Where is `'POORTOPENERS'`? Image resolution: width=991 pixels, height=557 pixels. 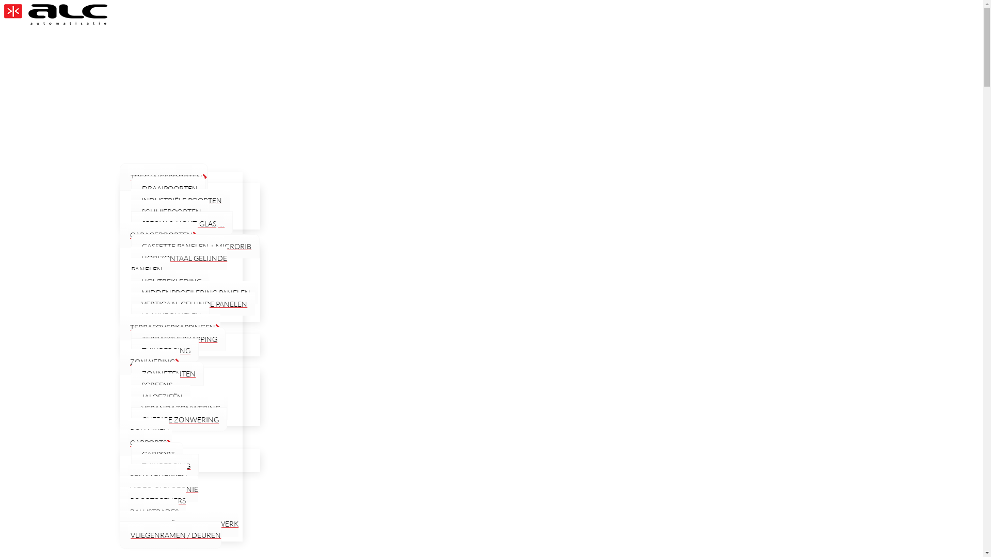
'POORTOPENERS' is located at coordinates (152, 500).